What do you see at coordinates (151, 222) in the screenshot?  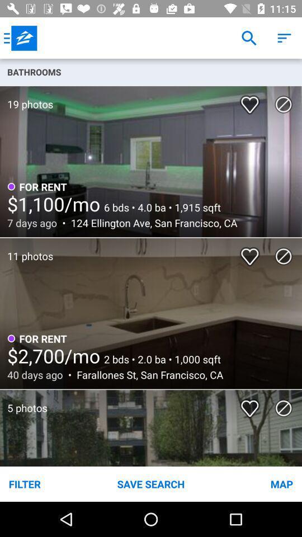 I see `icon below the $1,100/mo item` at bounding box center [151, 222].